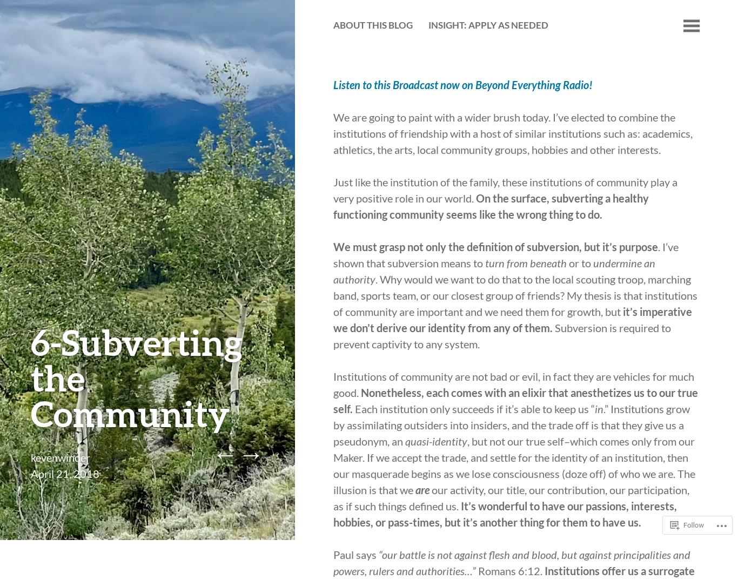 This screenshot has width=738, height=580. What do you see at coordinates (462, 84) in the screenshot?
I see `'Listen to this Broadcast now on Beyond Everything Radio!'` at bounding box center [462, 84].